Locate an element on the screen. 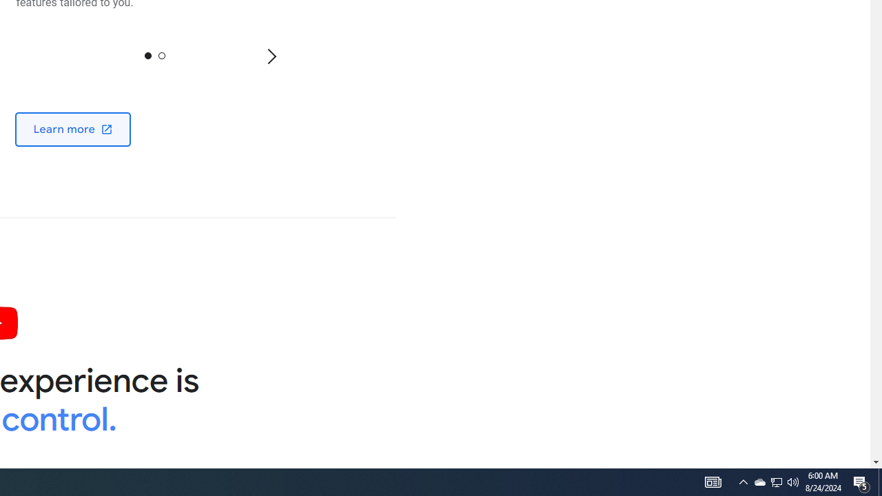 The width and height of the screenshot is (882, 496). '0' is located at coordinates (148, 54).